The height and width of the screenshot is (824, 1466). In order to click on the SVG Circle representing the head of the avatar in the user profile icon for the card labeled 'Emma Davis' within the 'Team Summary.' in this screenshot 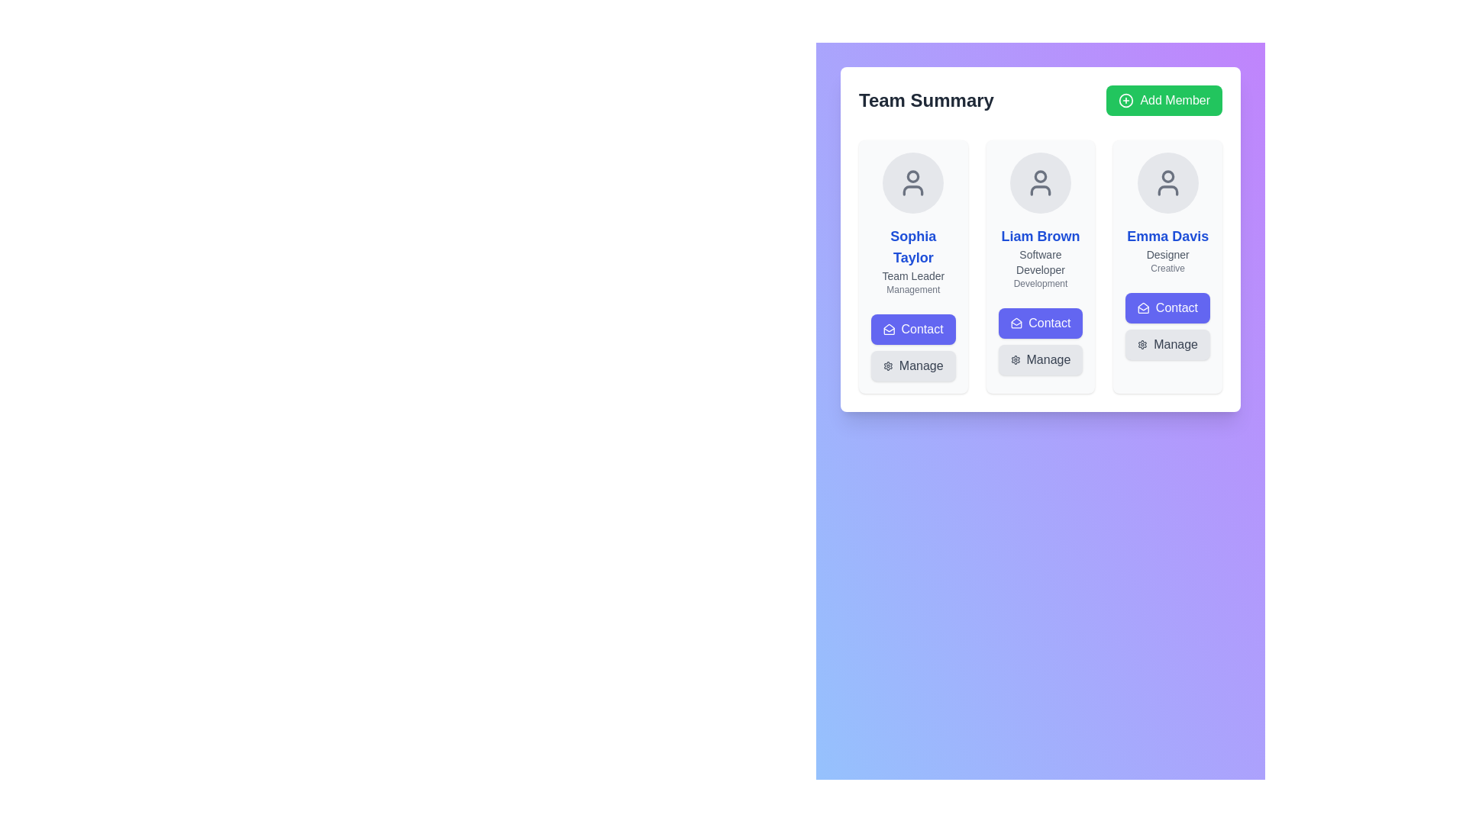, I will do `click(1167, 175)`.